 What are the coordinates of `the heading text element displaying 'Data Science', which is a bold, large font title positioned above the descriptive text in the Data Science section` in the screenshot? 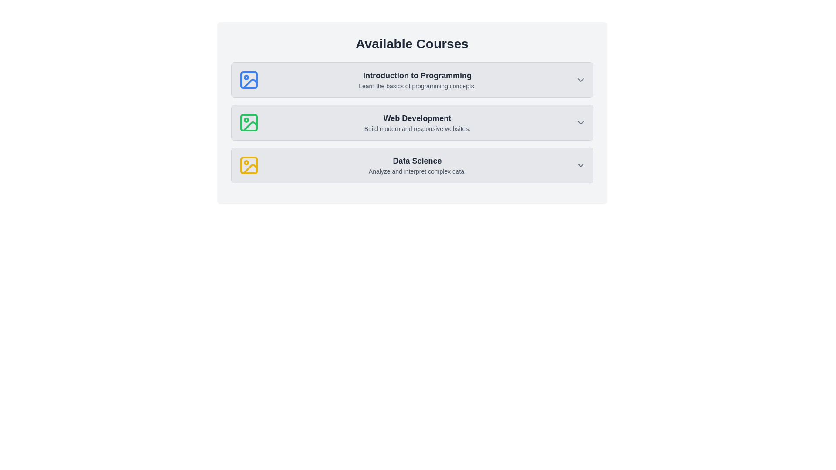 It's located at (417, 161).